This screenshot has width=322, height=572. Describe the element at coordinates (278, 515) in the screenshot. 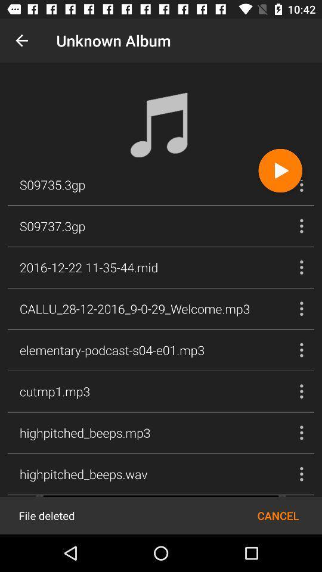

I see `item to the right of the file deleted` at that location.